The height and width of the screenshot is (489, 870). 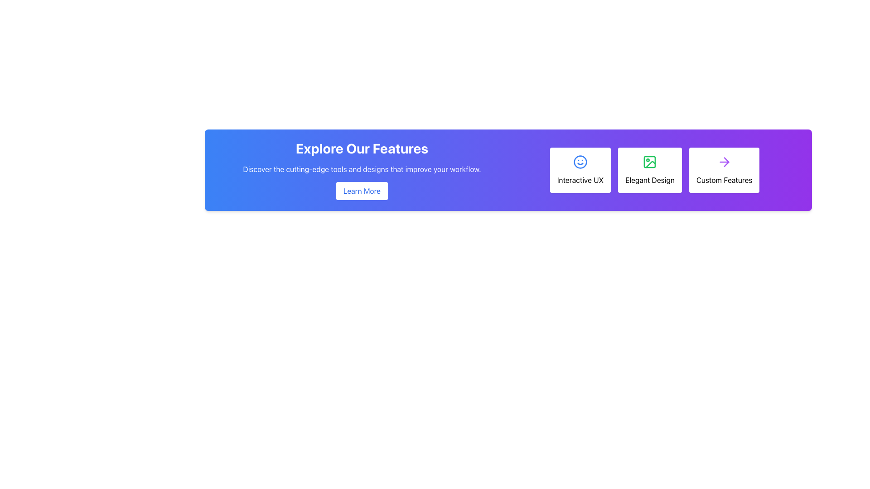 What do you see at coordinates (724, 180) in the screenshot?
I see `text from the label located within the last box in a series of horizontally aligned white boxes with rounded corners, featuring a right-pointing arrow icon above the text` at bounding box center [724, 180].